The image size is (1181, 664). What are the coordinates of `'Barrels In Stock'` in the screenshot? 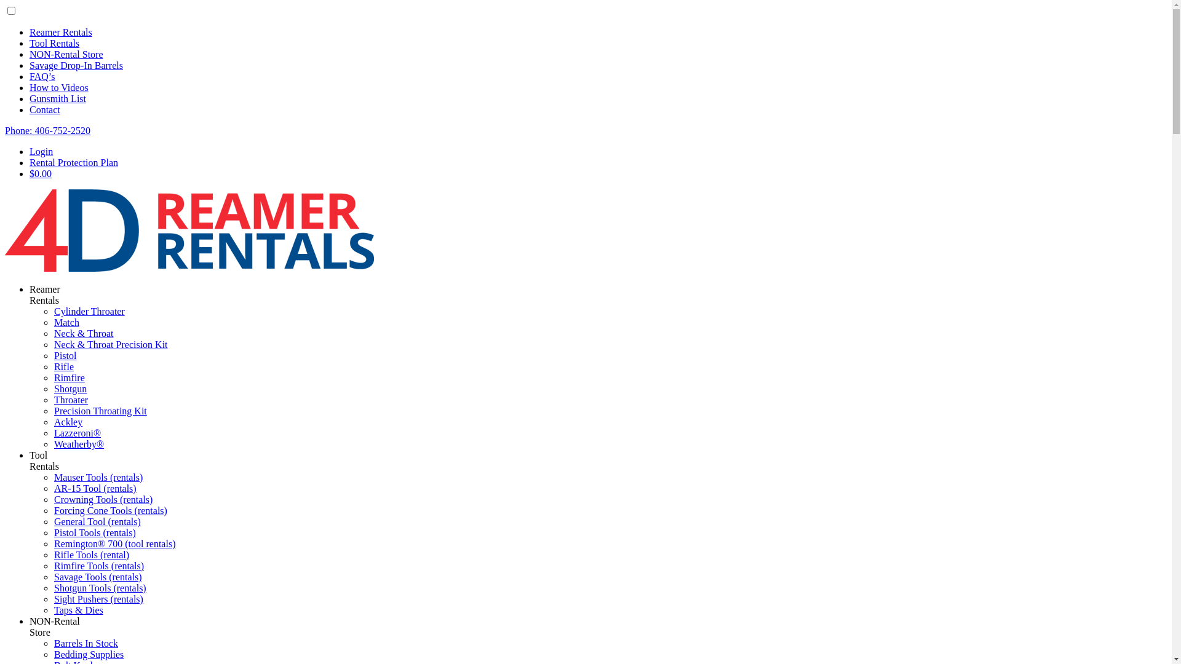 It's located at (85, 642).